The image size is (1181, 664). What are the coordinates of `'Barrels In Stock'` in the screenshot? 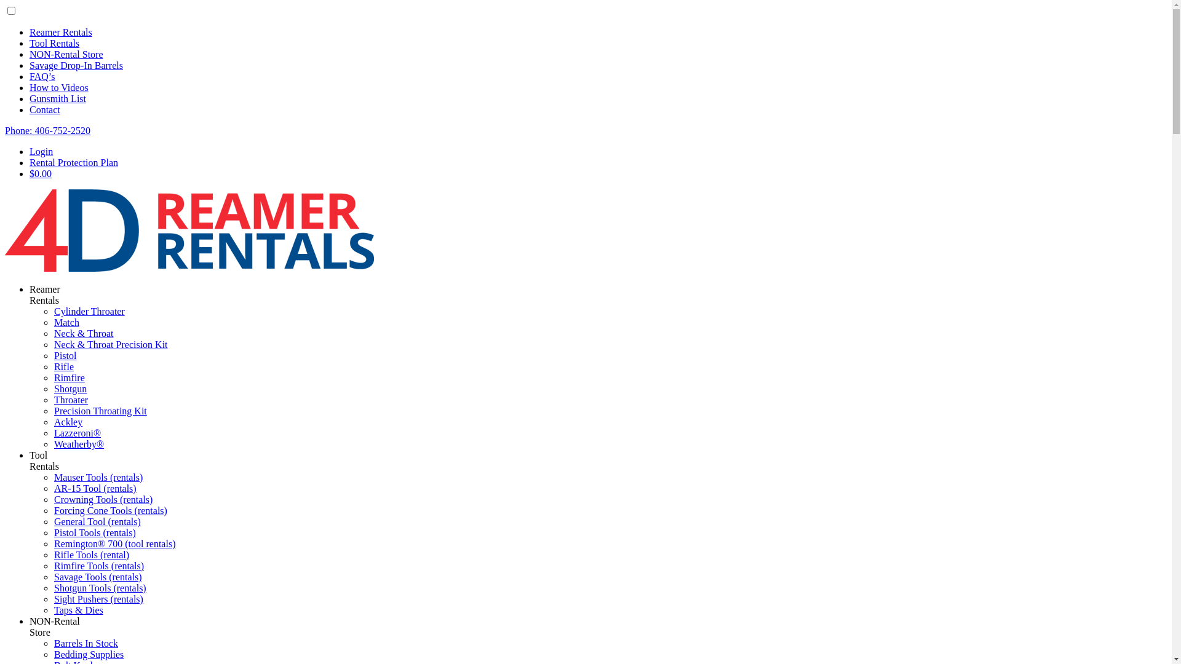 It's located at (85, 642).